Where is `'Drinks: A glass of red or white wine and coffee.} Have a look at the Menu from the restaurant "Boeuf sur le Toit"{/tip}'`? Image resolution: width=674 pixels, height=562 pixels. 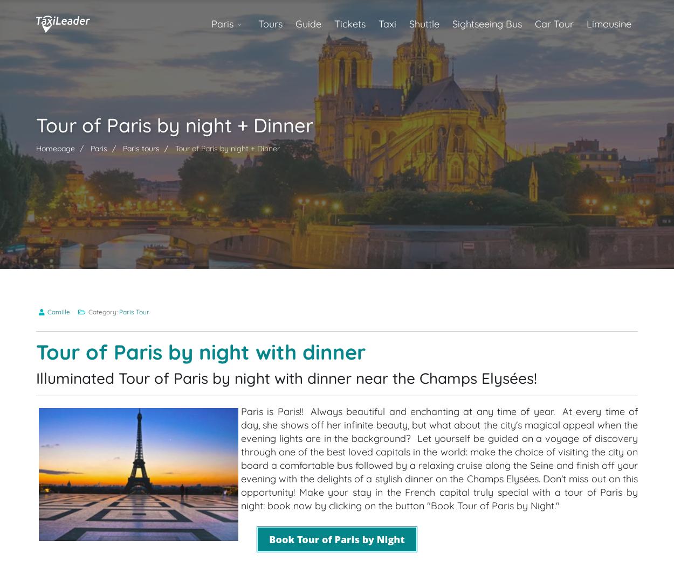 'Drinks: A glass of red or white wine and coffee.} Have a look at the Menu from the restaurant "Boeuf sur le Toit"{/tip}' is located at coordinates (297, 244).